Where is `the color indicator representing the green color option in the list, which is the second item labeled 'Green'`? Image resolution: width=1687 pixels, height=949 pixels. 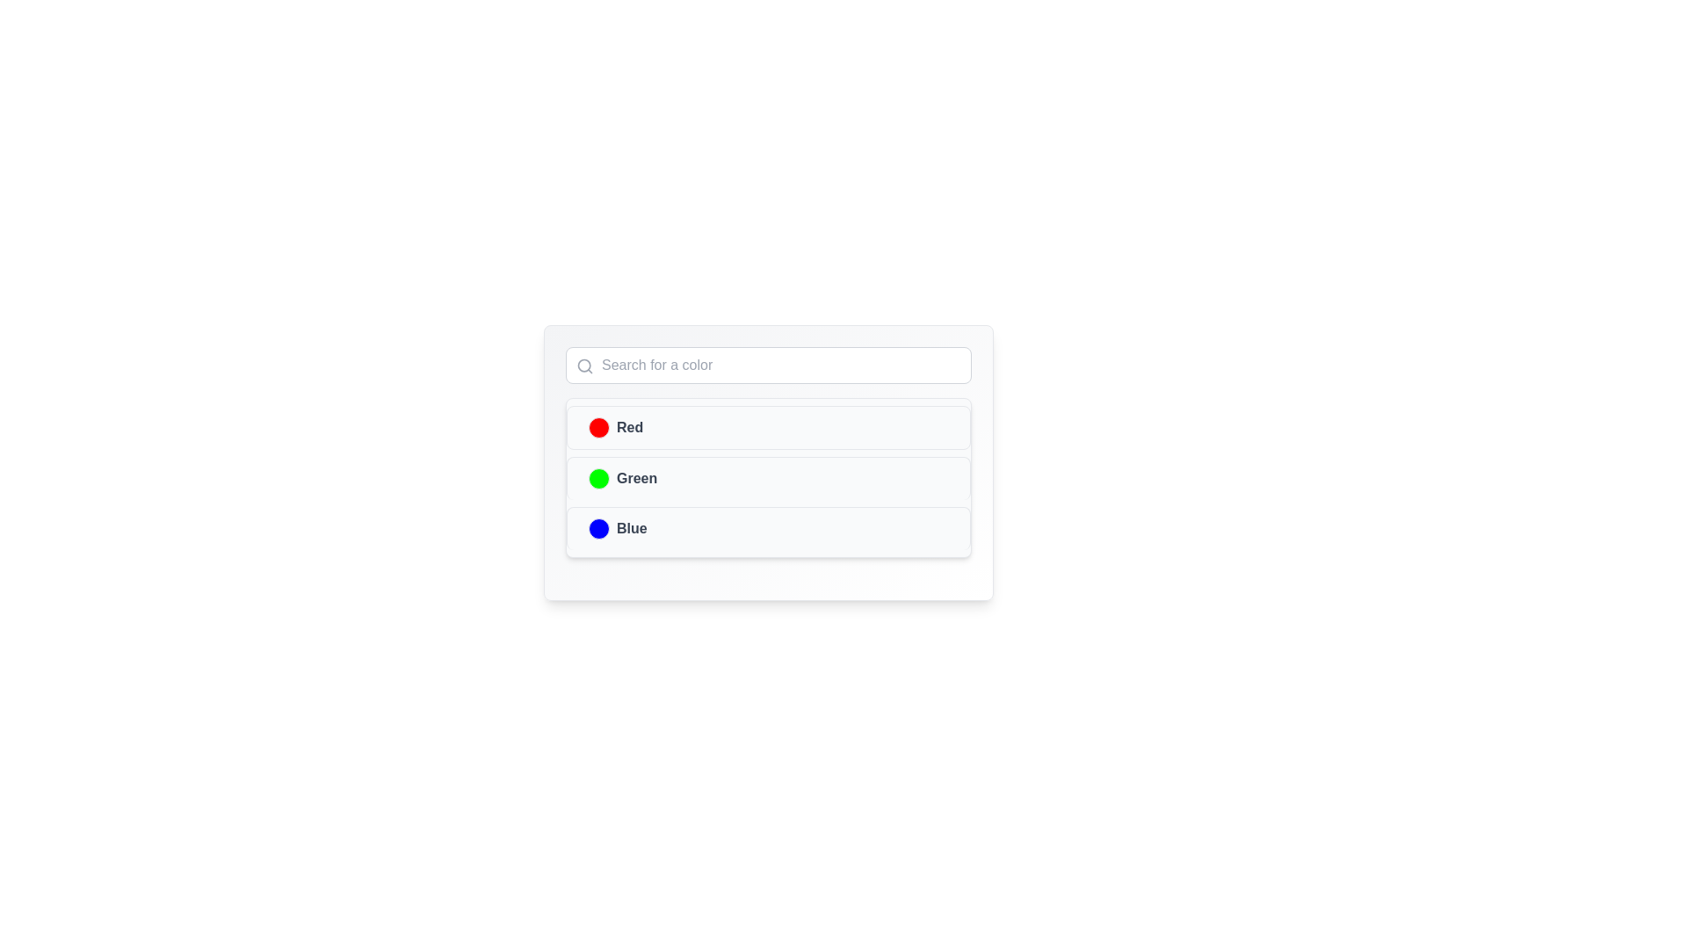
the color indicator representing the green color option in the list, which is the second item labeled 'Green' is located at coordinates (598, 478).